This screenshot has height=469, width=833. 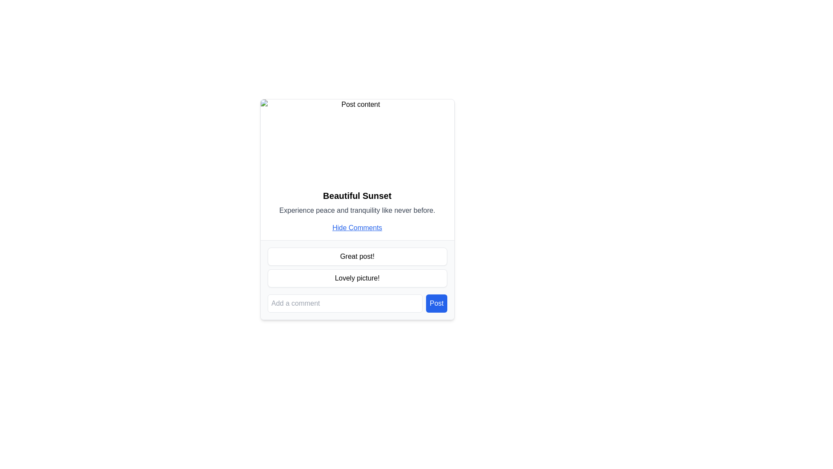 I want to click on the blue-colored hyperlink 'Hide Comments' to hide the comments section below the 'Beautiful Sunset' post, so click(x=357, y=227).